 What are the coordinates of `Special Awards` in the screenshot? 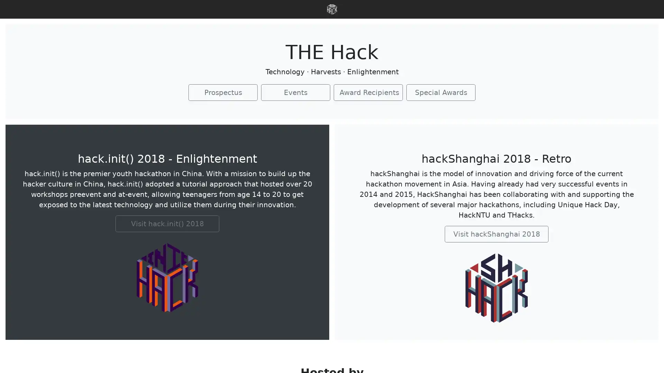 It's located at (441, 92).